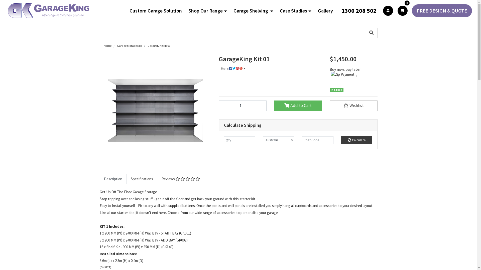 The height and width of the screenshot is (270, 481). I want to click on 'Share:', so click(218, 68).